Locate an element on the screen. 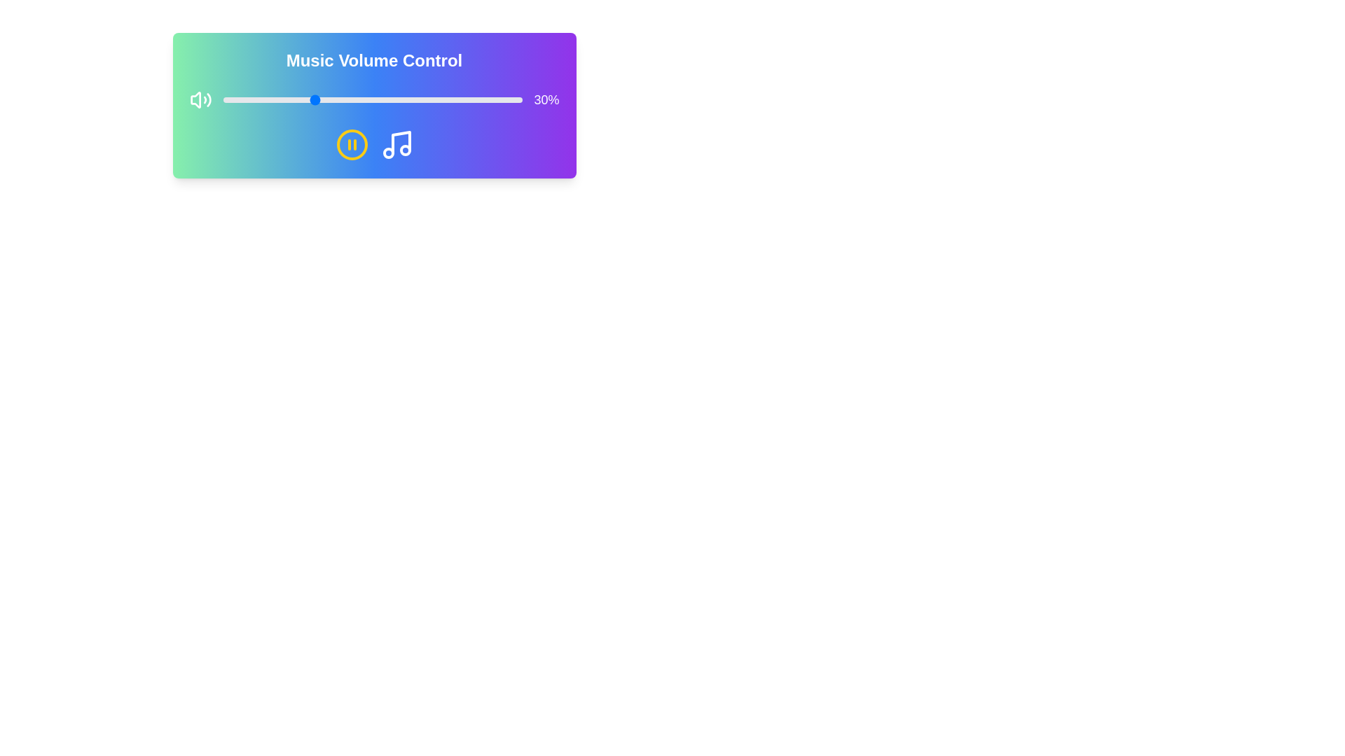 The height and width of the screenshot is (756, 1345). the volume is located at coordinates (247, 99).